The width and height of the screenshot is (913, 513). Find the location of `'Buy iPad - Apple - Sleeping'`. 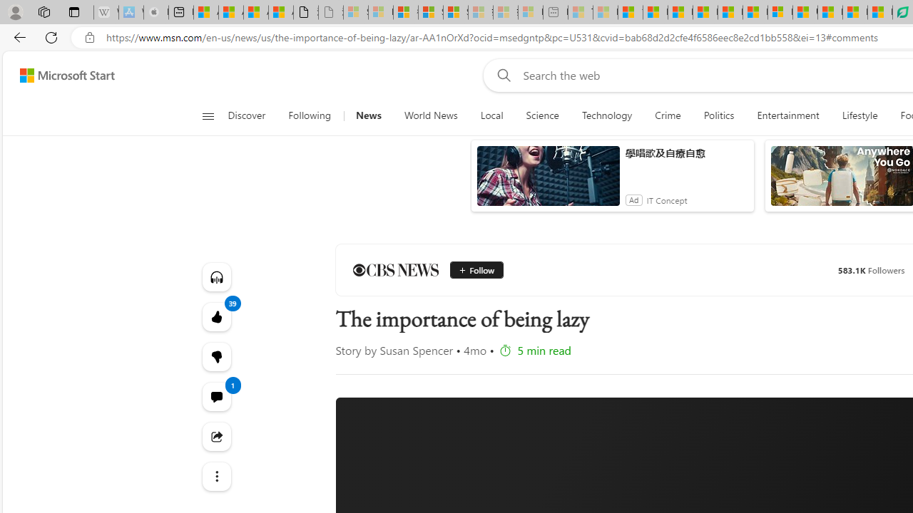

'Buy iPad - Apple - Sleeping' is located at coordinates (155, 12).